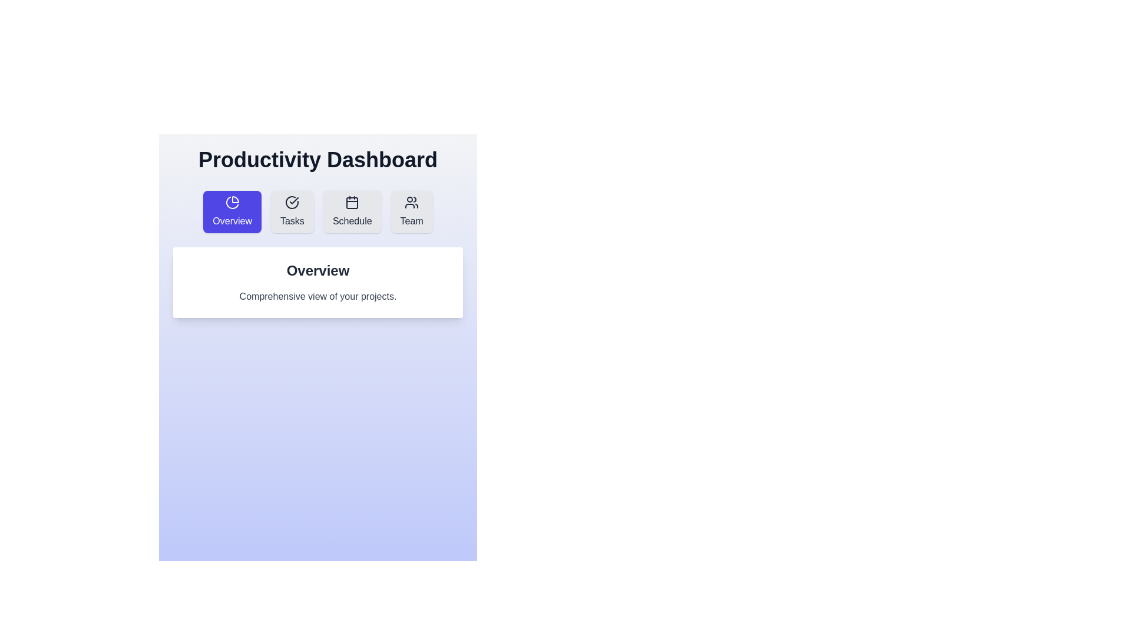 Image resolution: width=1131 pixels, height=636 pixels. Describe the element at coordinates (352, 211) in the screenshot. I see `the navigation button labeled 'Schedule' to observe the visual effect` at that location.